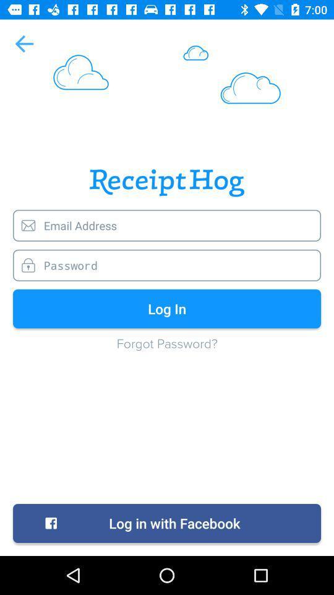 Image resolution: width=334 pixels, height=595 pixels. I want to click on the icon below the log in, so click(167, 349).